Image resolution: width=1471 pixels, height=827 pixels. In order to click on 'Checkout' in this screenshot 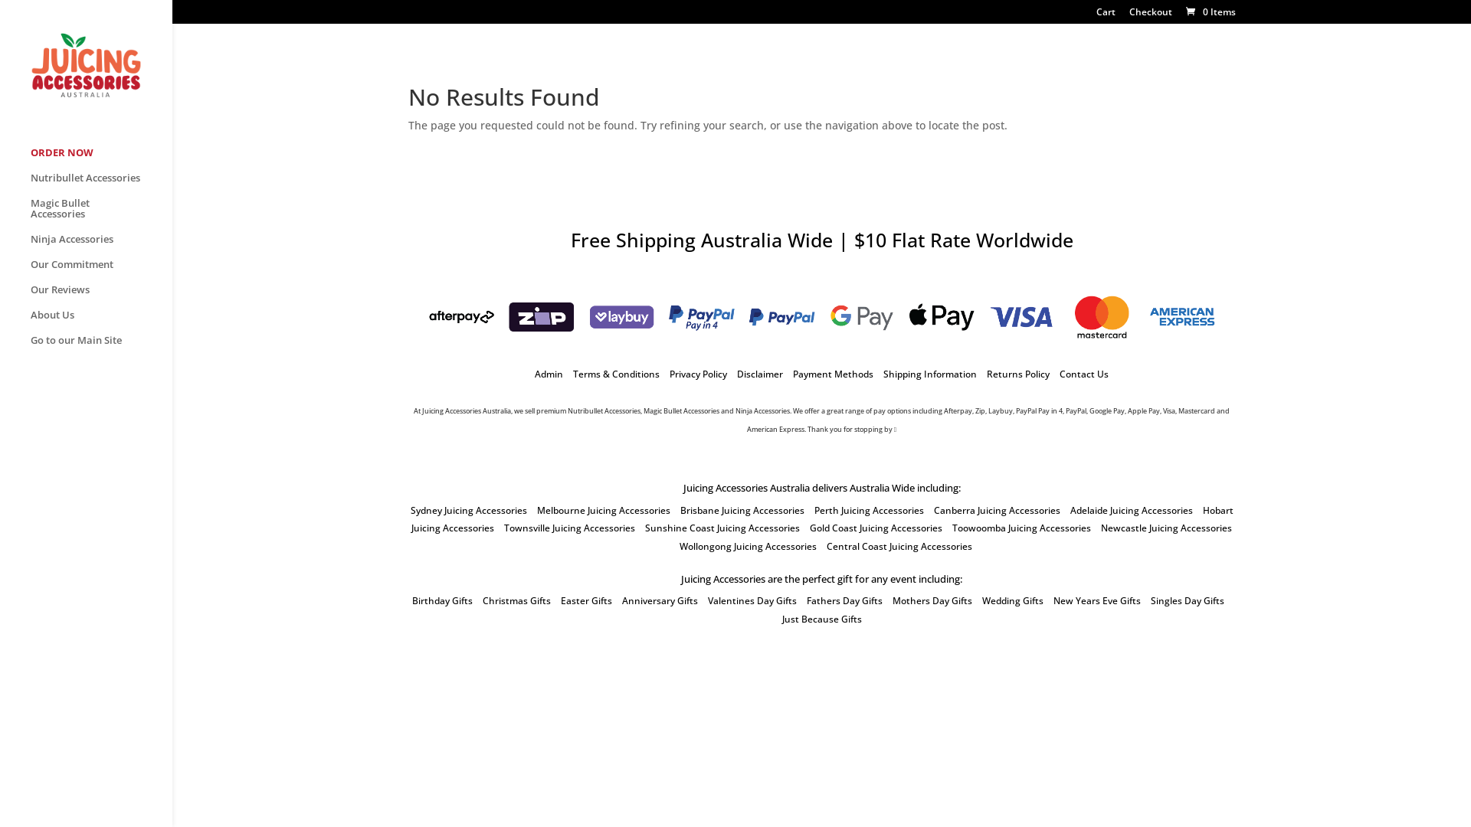, I will do `click(1151, 15)`.